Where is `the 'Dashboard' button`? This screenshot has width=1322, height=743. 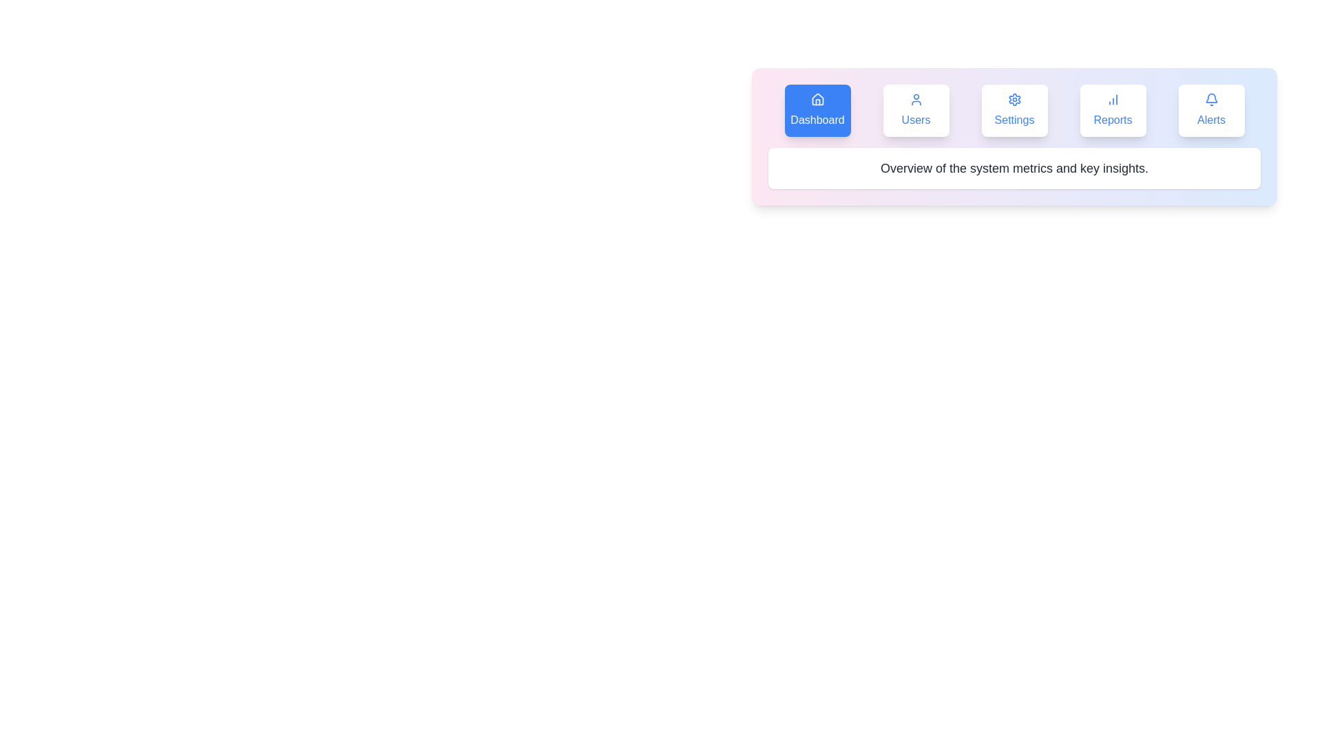
the 'Dashboard' button is located at coordinates (817, 110).